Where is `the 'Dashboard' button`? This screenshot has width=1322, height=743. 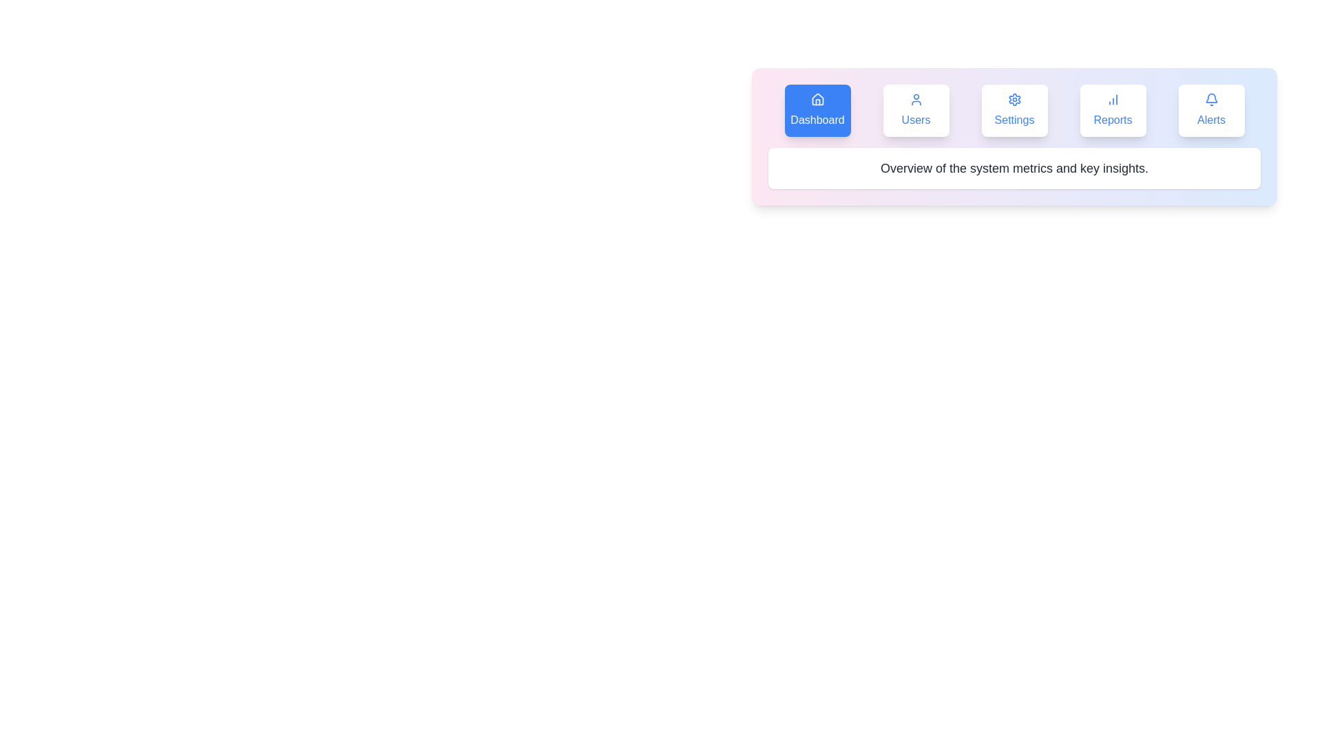
the 'Dashboard' button is located at coordinates (817, 110).